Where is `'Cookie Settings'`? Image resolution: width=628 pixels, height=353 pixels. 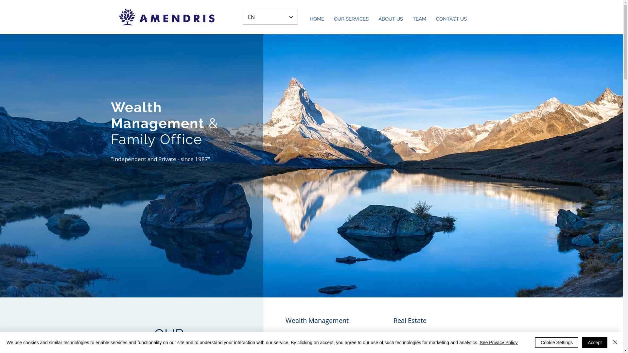 'Cookie Settings' is located at coordinates (556, 342).